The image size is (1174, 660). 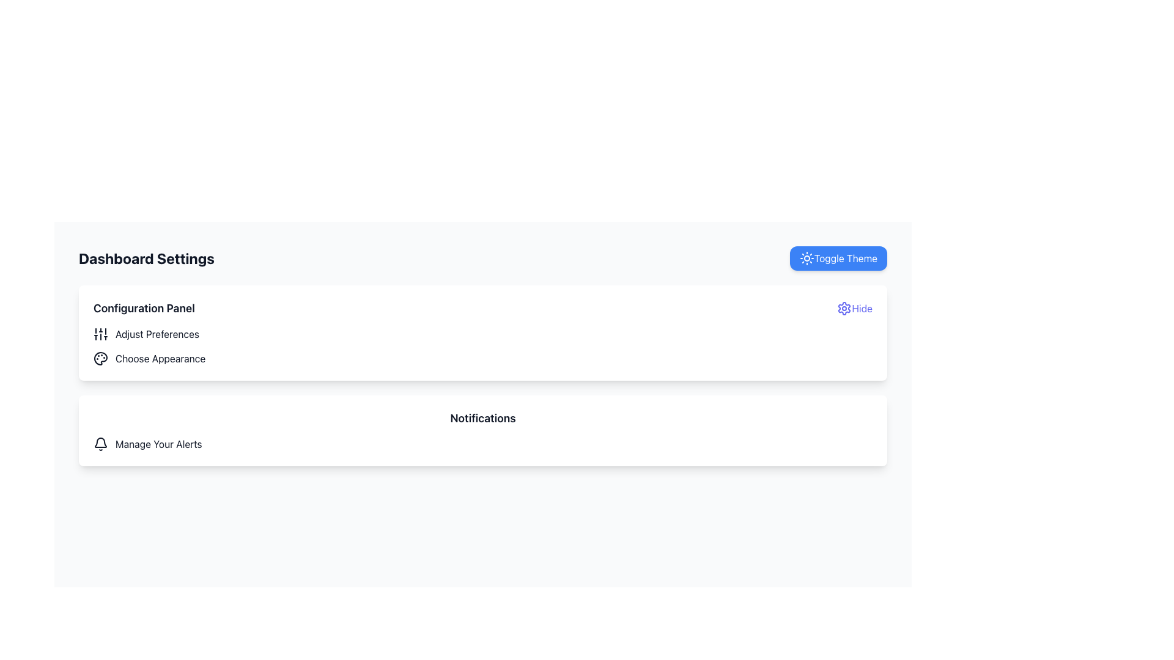 What do you see at coordinates (838, 258) in the screenshot?
I see `the 'Toggle Theme' button, which is a rectangular button with a blue background and white text, located on the right side of the interface` at bounding box center [838, 258].